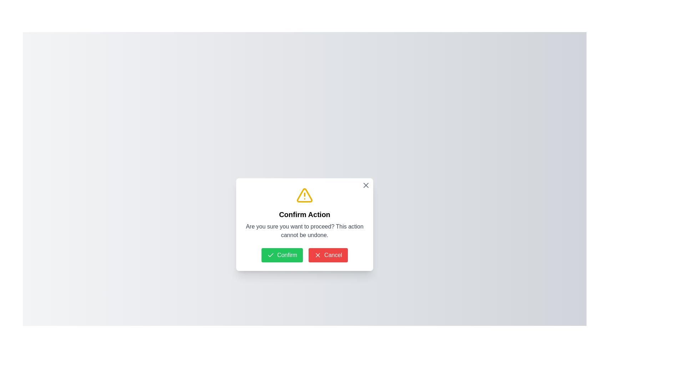 This screenshot has width=685, height=385. Describe the element at coordinates (282, 255) in the screenshot. I see `the confirmation button, which is the leftmost button in a horizontal layout alongside a red 'Cancel' button, to trigger a visual effect` at that location.